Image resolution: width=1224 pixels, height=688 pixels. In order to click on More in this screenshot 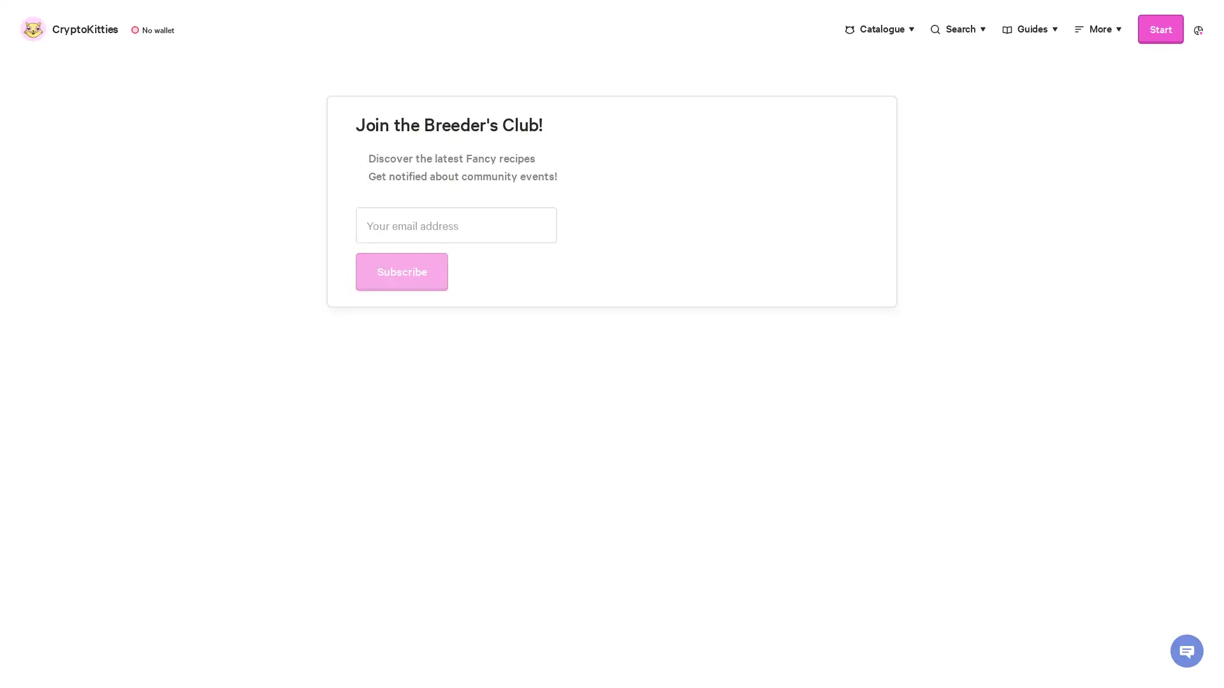, I will do `click(1097, 29)`.